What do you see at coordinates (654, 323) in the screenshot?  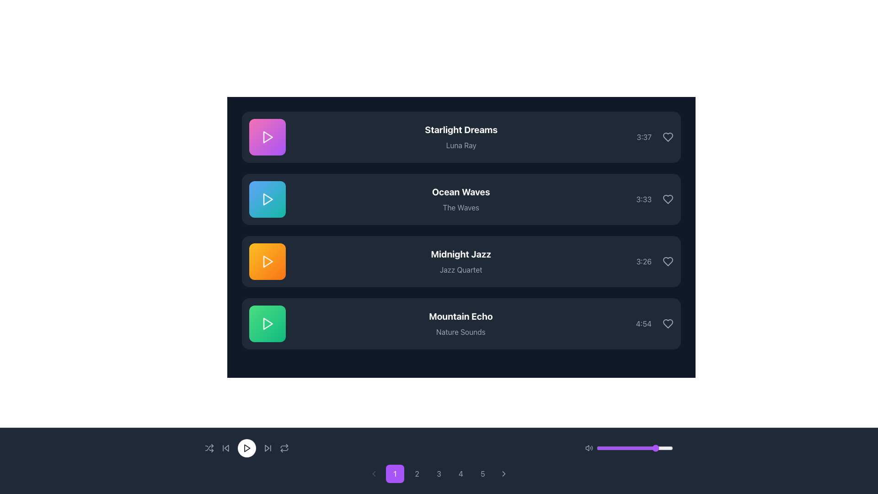 I see `keyboard navigation` at bounding box center [654, 323].